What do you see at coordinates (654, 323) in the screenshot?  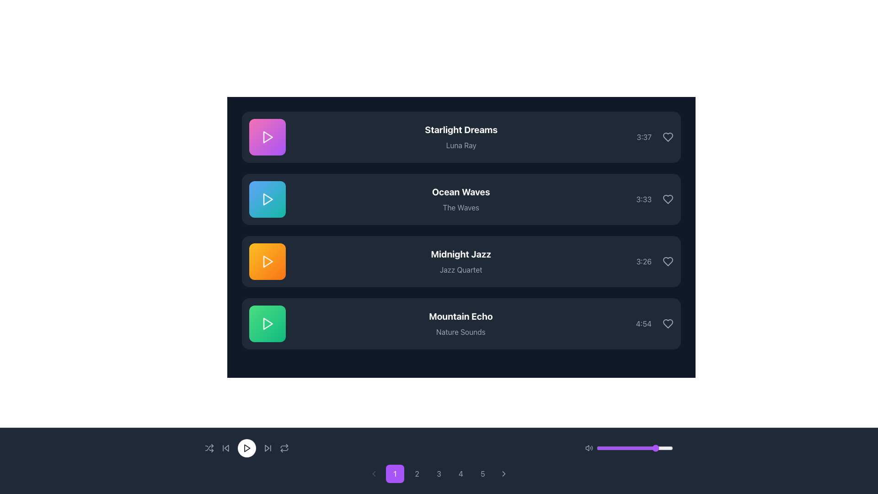 I see `keyboard navigation` at bounding box center [654, 323].